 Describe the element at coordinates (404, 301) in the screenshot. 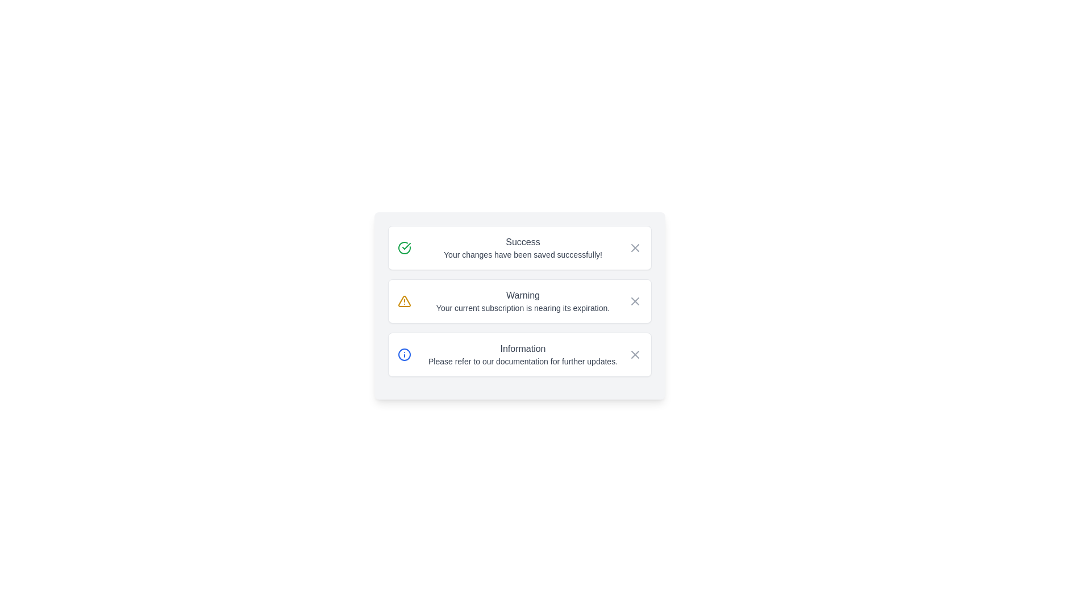

I see `the warning icon, which is the second in a vertical arrangement of three notification elements, located to the left of the text 'Warning'` at that location.